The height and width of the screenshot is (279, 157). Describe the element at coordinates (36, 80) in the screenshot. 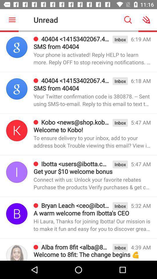

I see `the 2nd circular shaped red dot on the web page` at that location.